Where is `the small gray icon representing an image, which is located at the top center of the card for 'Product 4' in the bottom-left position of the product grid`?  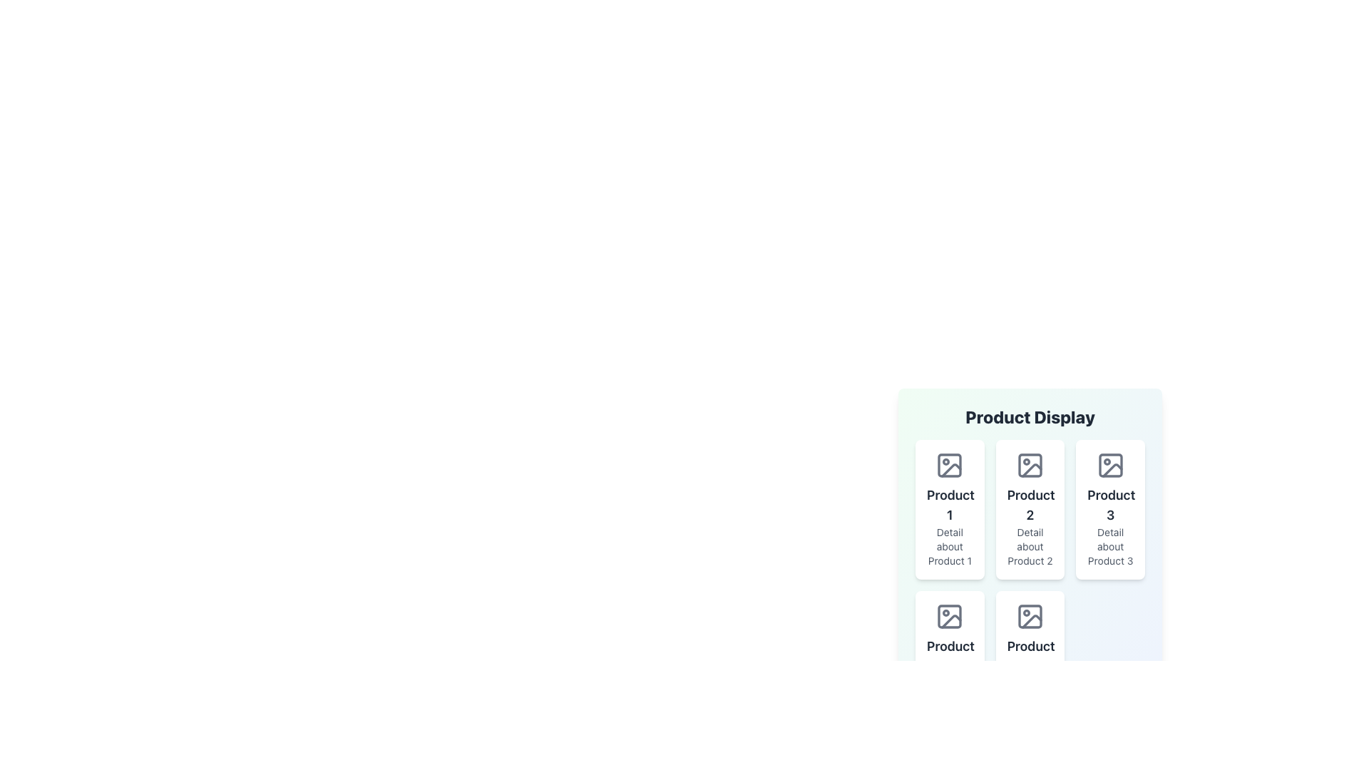
the small gray icon representing an image, which is located at the top center of the card for 'Product 4' in the bottom-left position of the product grid is located at coordinates (950, 615).